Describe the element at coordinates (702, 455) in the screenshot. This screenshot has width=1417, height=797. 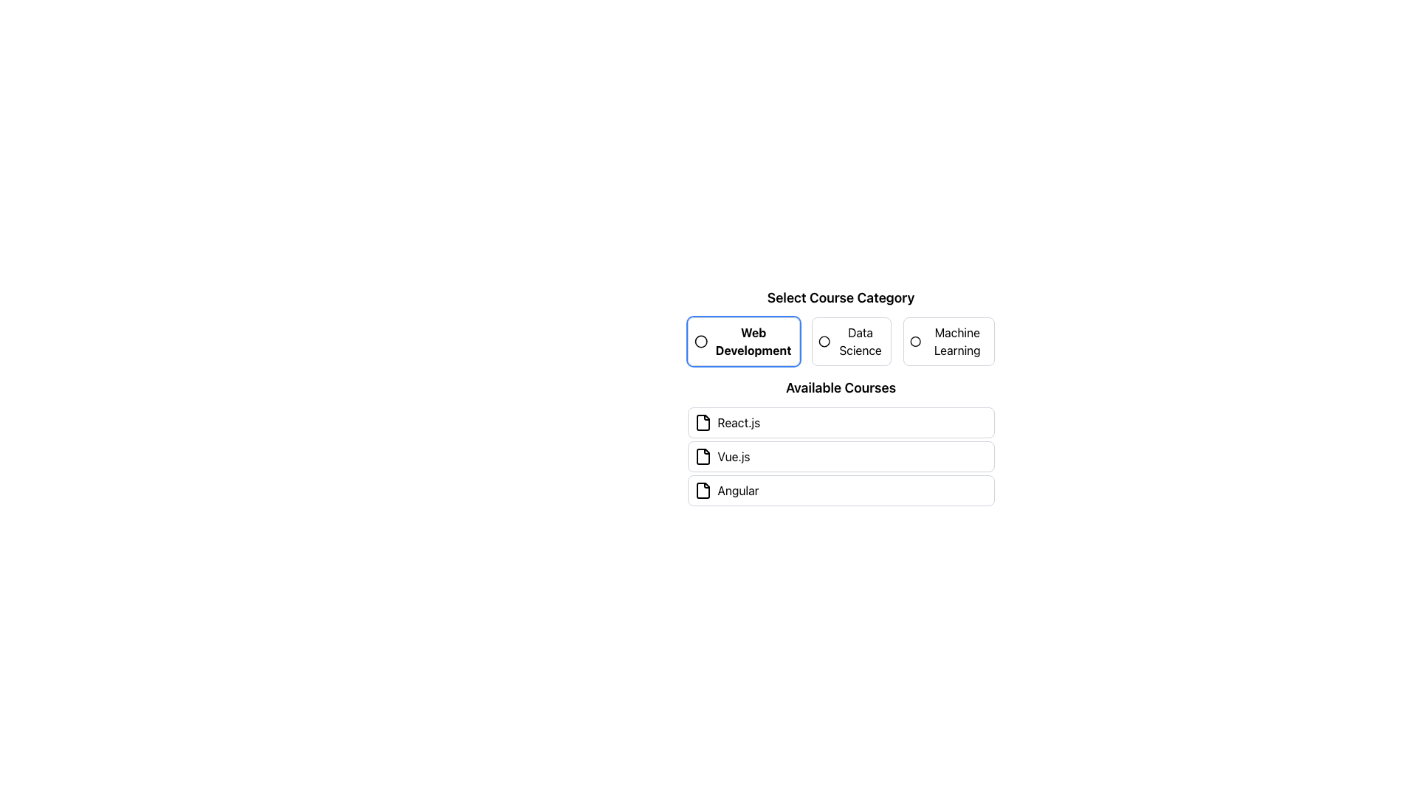
I see `the document icon located to the left of the 'Vue.js' text label in the list of available courses` at that location.